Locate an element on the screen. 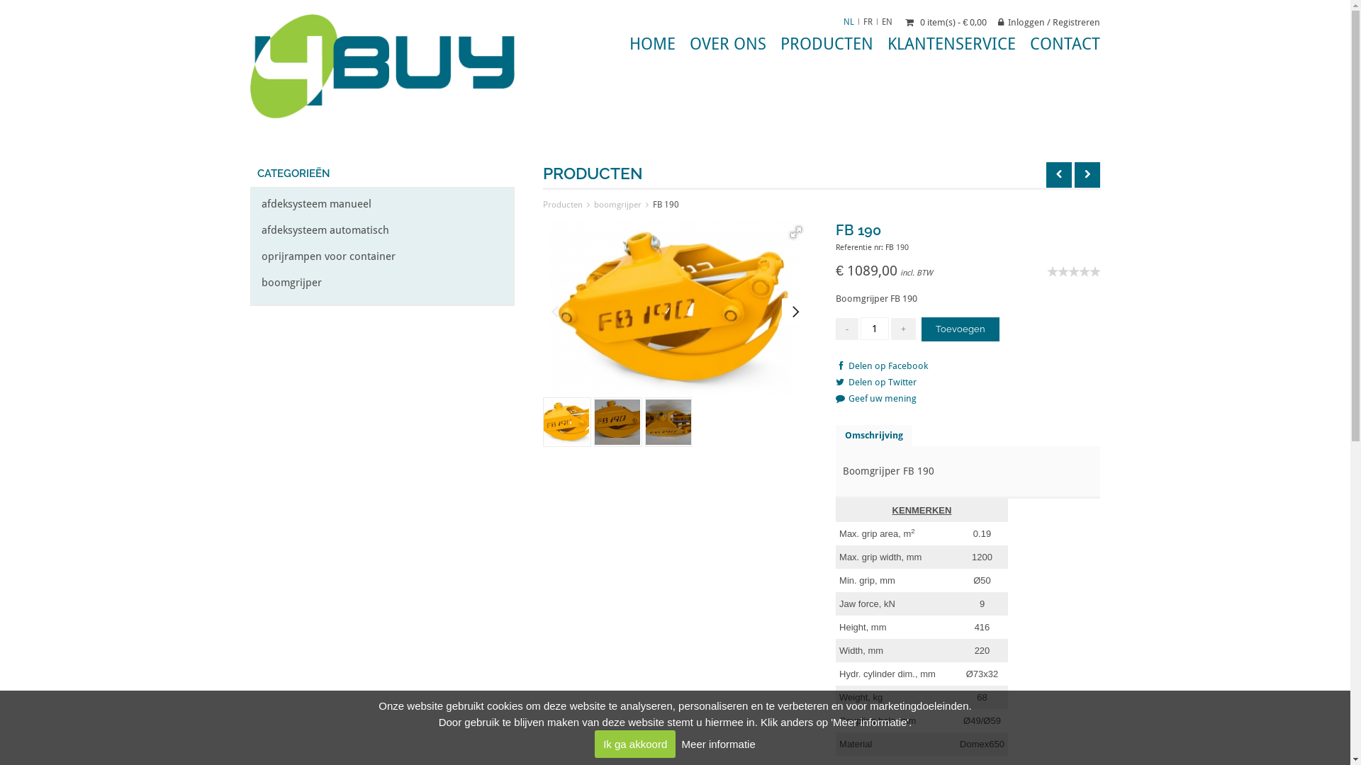 Image resolution: width=1361 pixels, height=765 pixels. 'Inloggen / Registreren' is located at coordinates (1048, 23).